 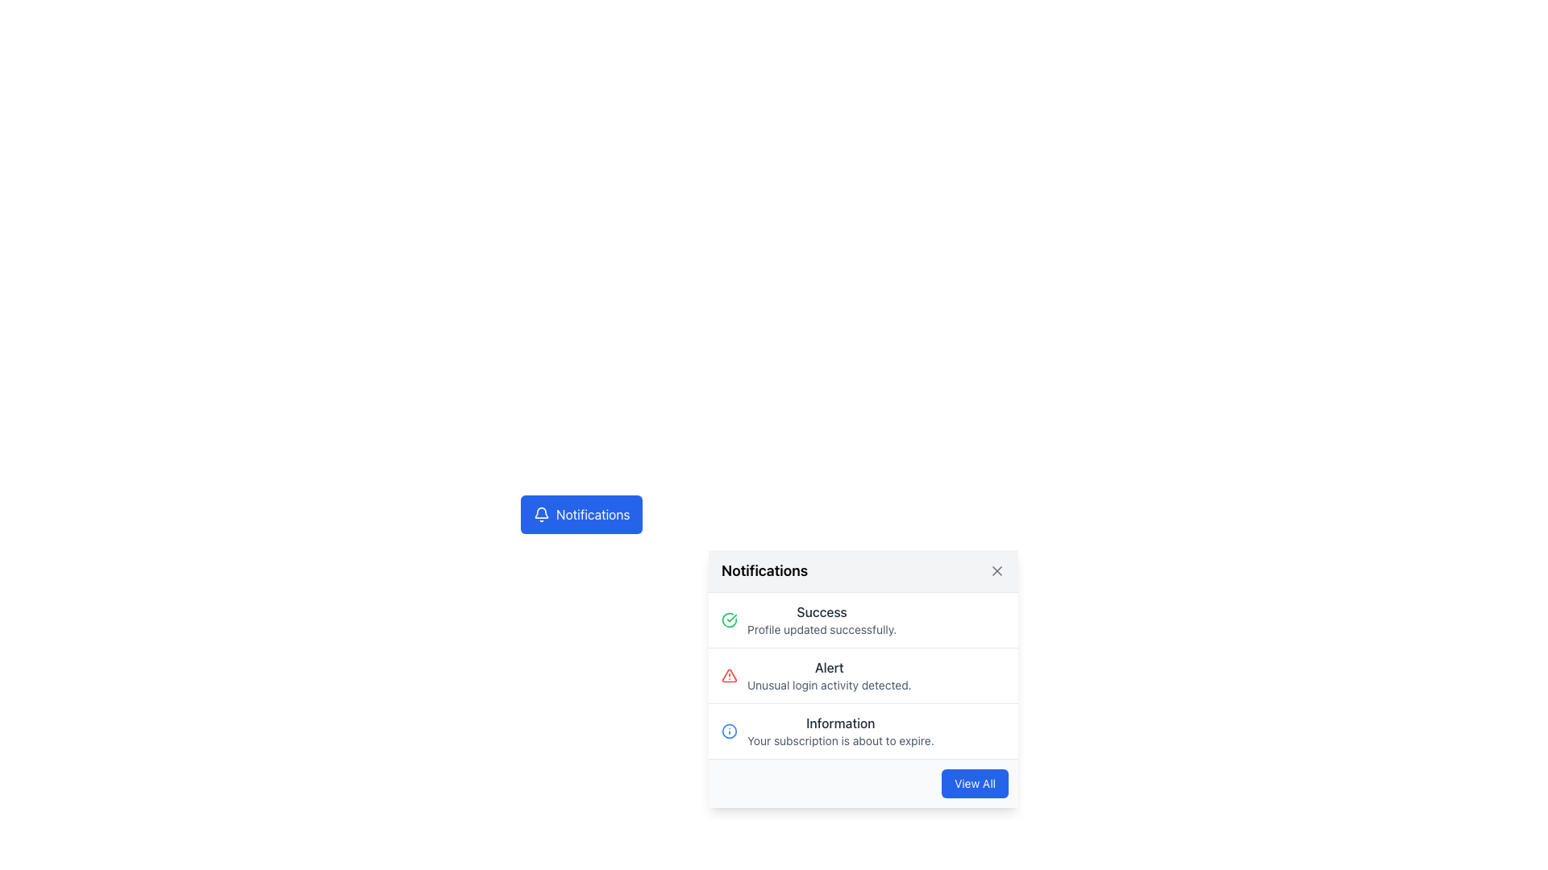 What do you see at coordinates (839, 741) in the screenshot?
I see `the informational message regarding subscription status located within the notification block below the 'Information' label in the modal` at bounding box center [839, 741].